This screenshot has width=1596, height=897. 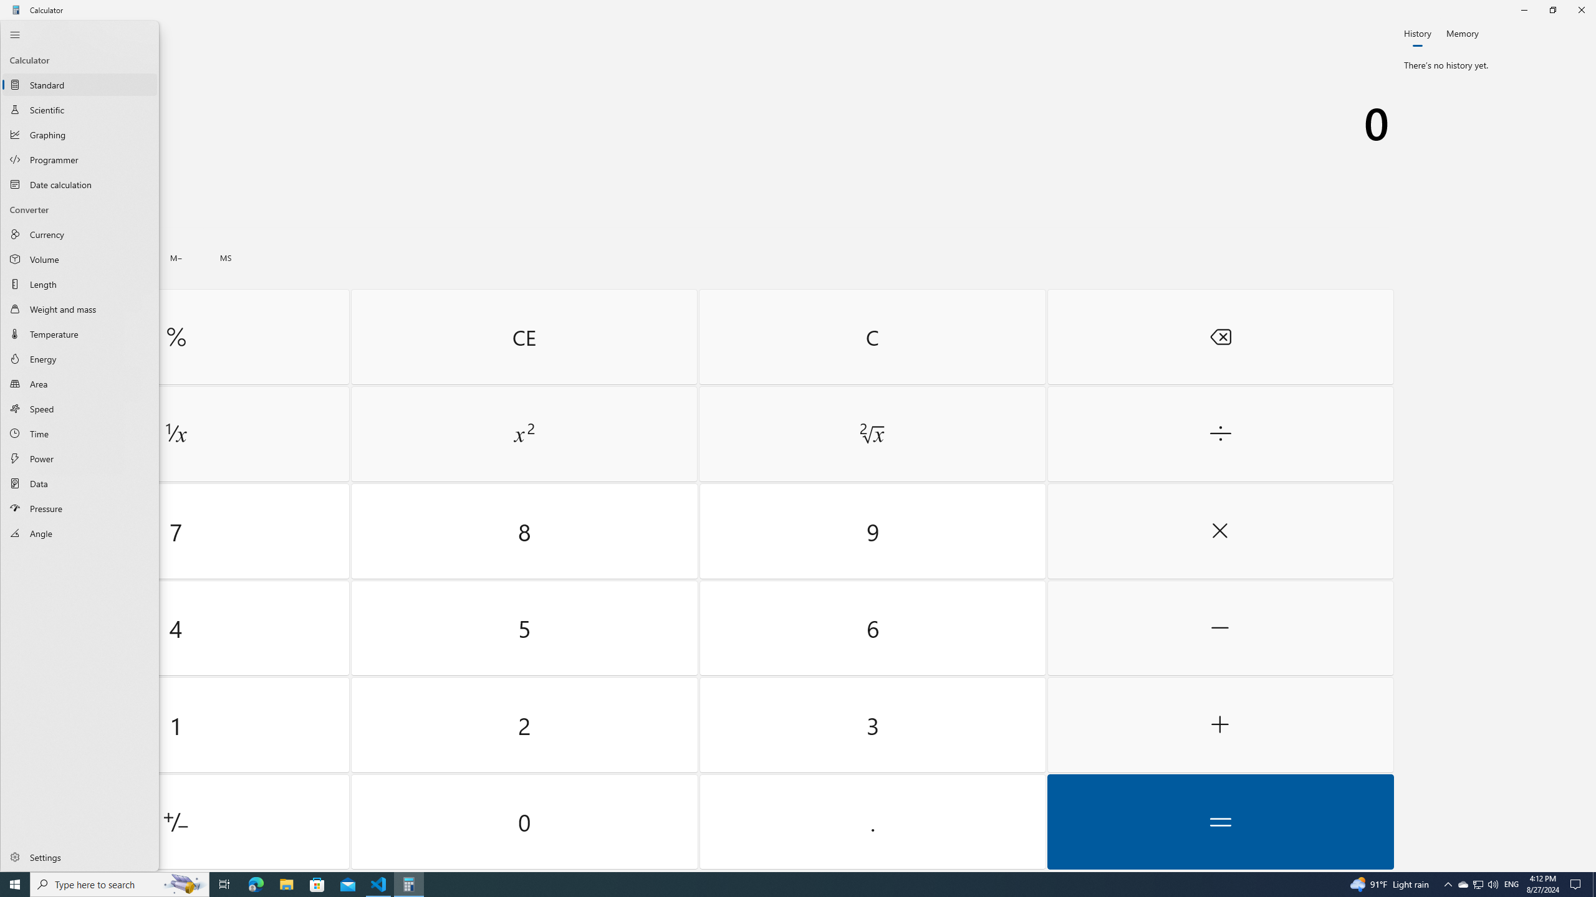 What do you see at coordinates (872, 627) in the screenshot?
I see `'Six'` at bounding box center [872, 627].